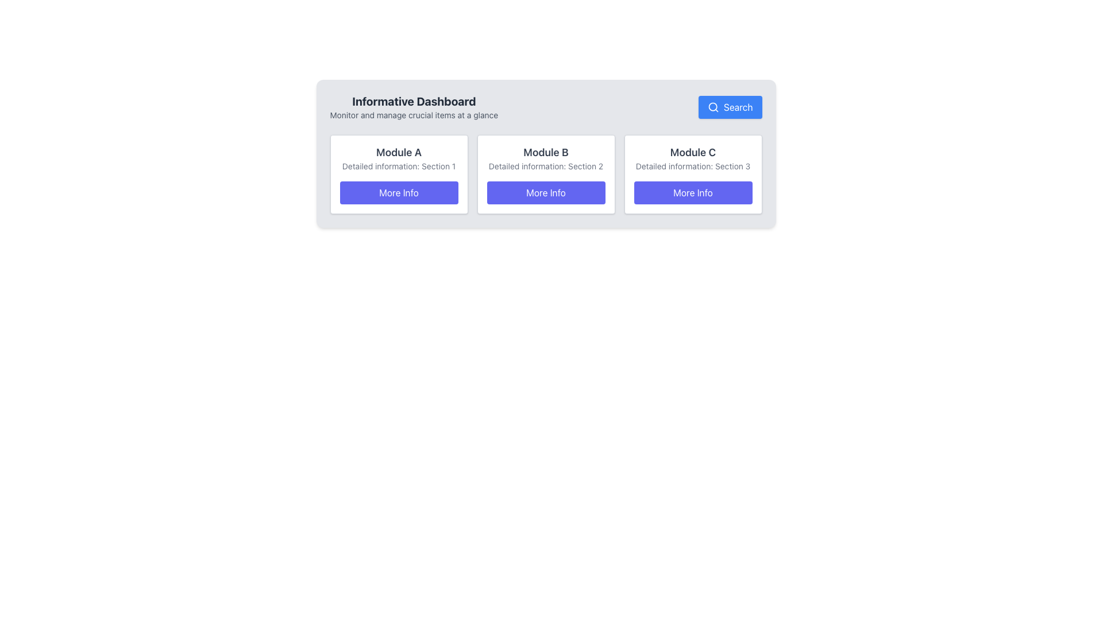  I want to click on the 'More Info' button on the 'Module B' card, which features a headline in bold dark gray text and a subheadline in lighter gray text, so click(545, 175).